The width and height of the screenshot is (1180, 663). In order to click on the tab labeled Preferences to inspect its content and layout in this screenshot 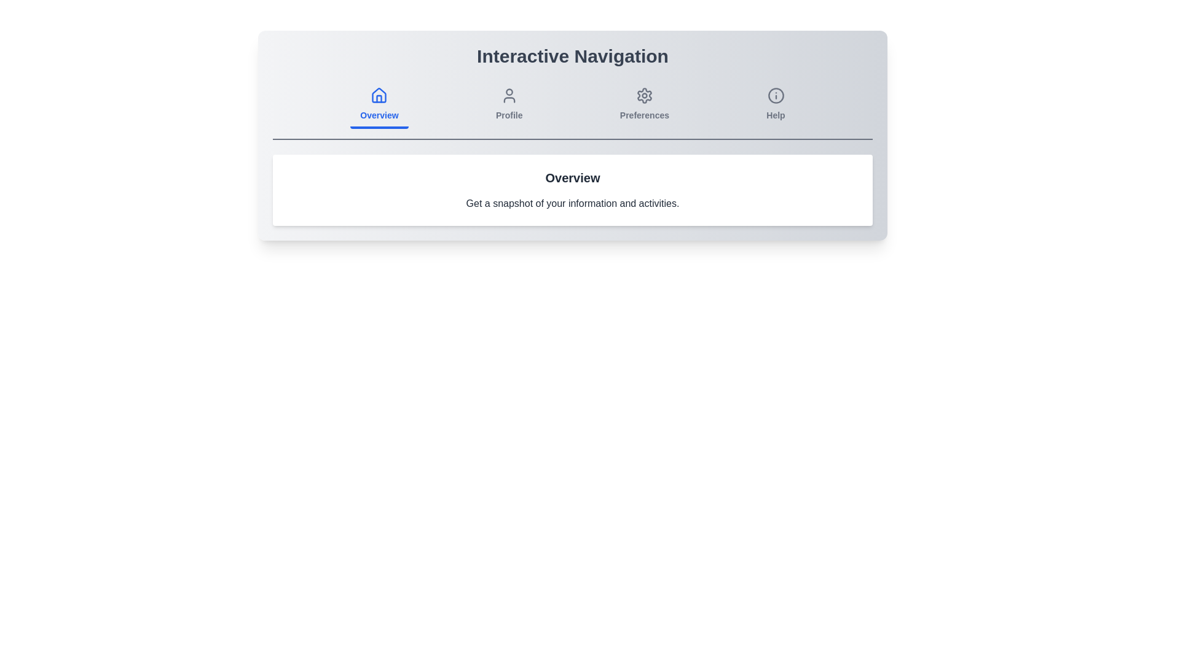, I will do `click(643, 105)`.